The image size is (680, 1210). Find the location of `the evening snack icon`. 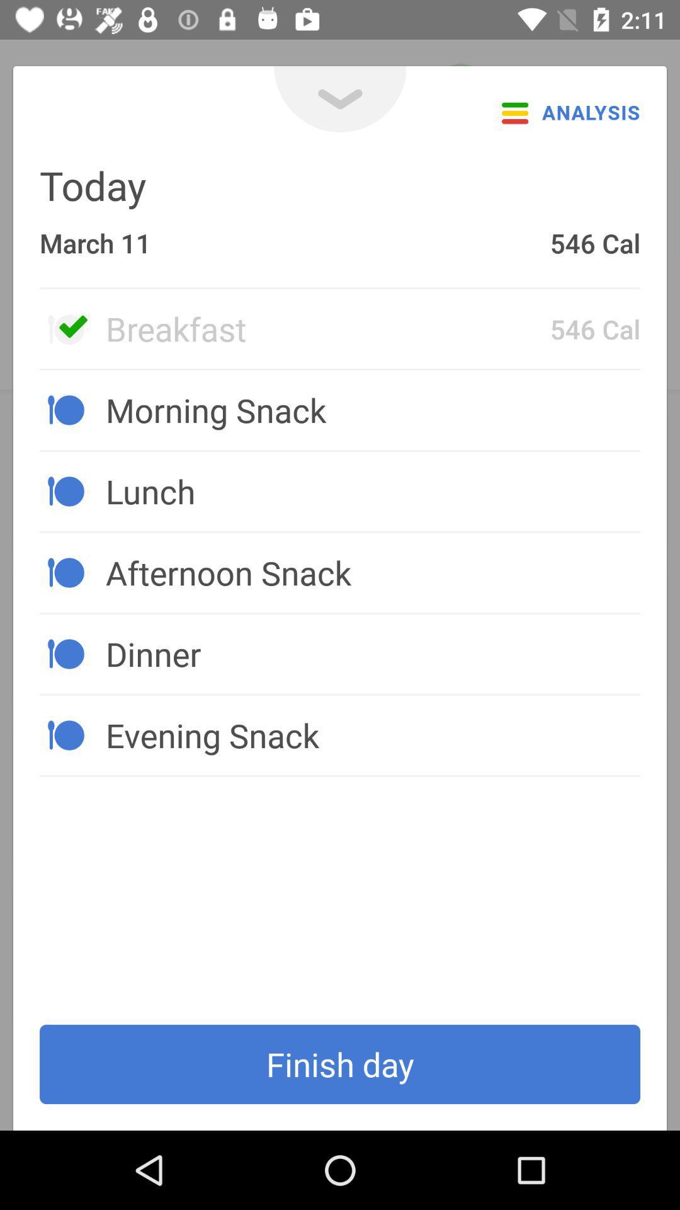

the evening snack icon is located at coordinates (372, 735).